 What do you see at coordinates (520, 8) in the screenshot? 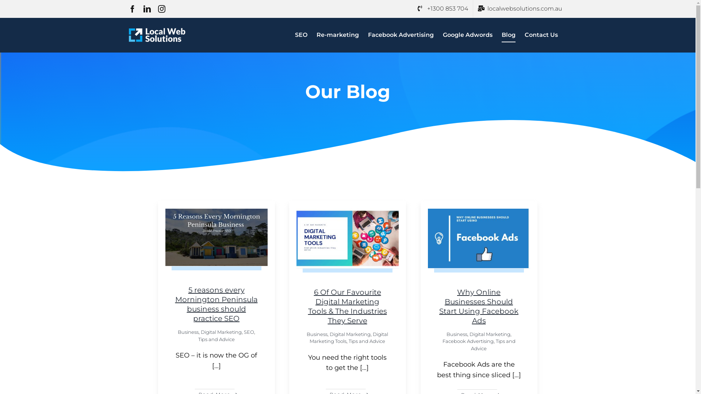
I see `'localwebsolutions.com.au'` at bounding box center [520, 8].